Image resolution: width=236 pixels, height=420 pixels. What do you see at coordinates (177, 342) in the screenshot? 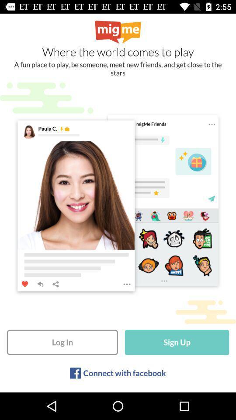
I see `the icon above connect with facebook` at bounding box center [177, 342].